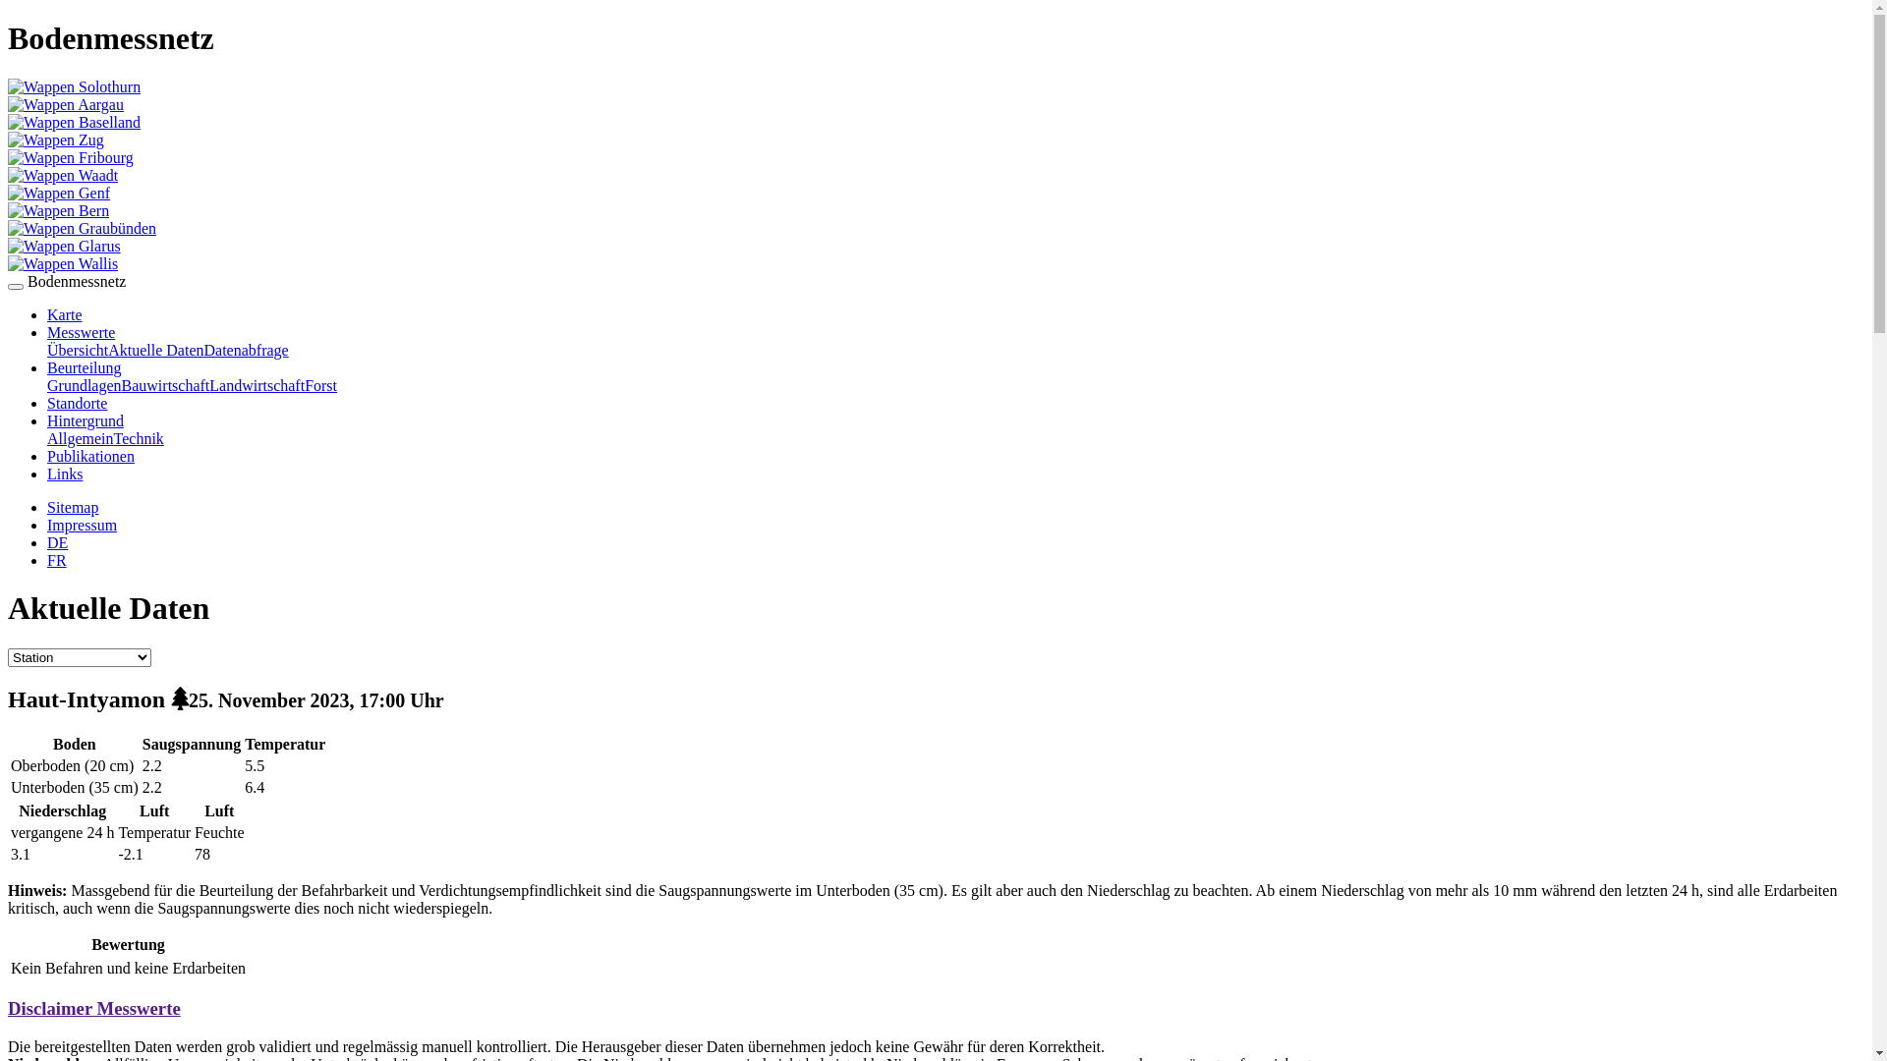 The image size is (1887, 1061). I want to click on 'Links', so click(65, 474).